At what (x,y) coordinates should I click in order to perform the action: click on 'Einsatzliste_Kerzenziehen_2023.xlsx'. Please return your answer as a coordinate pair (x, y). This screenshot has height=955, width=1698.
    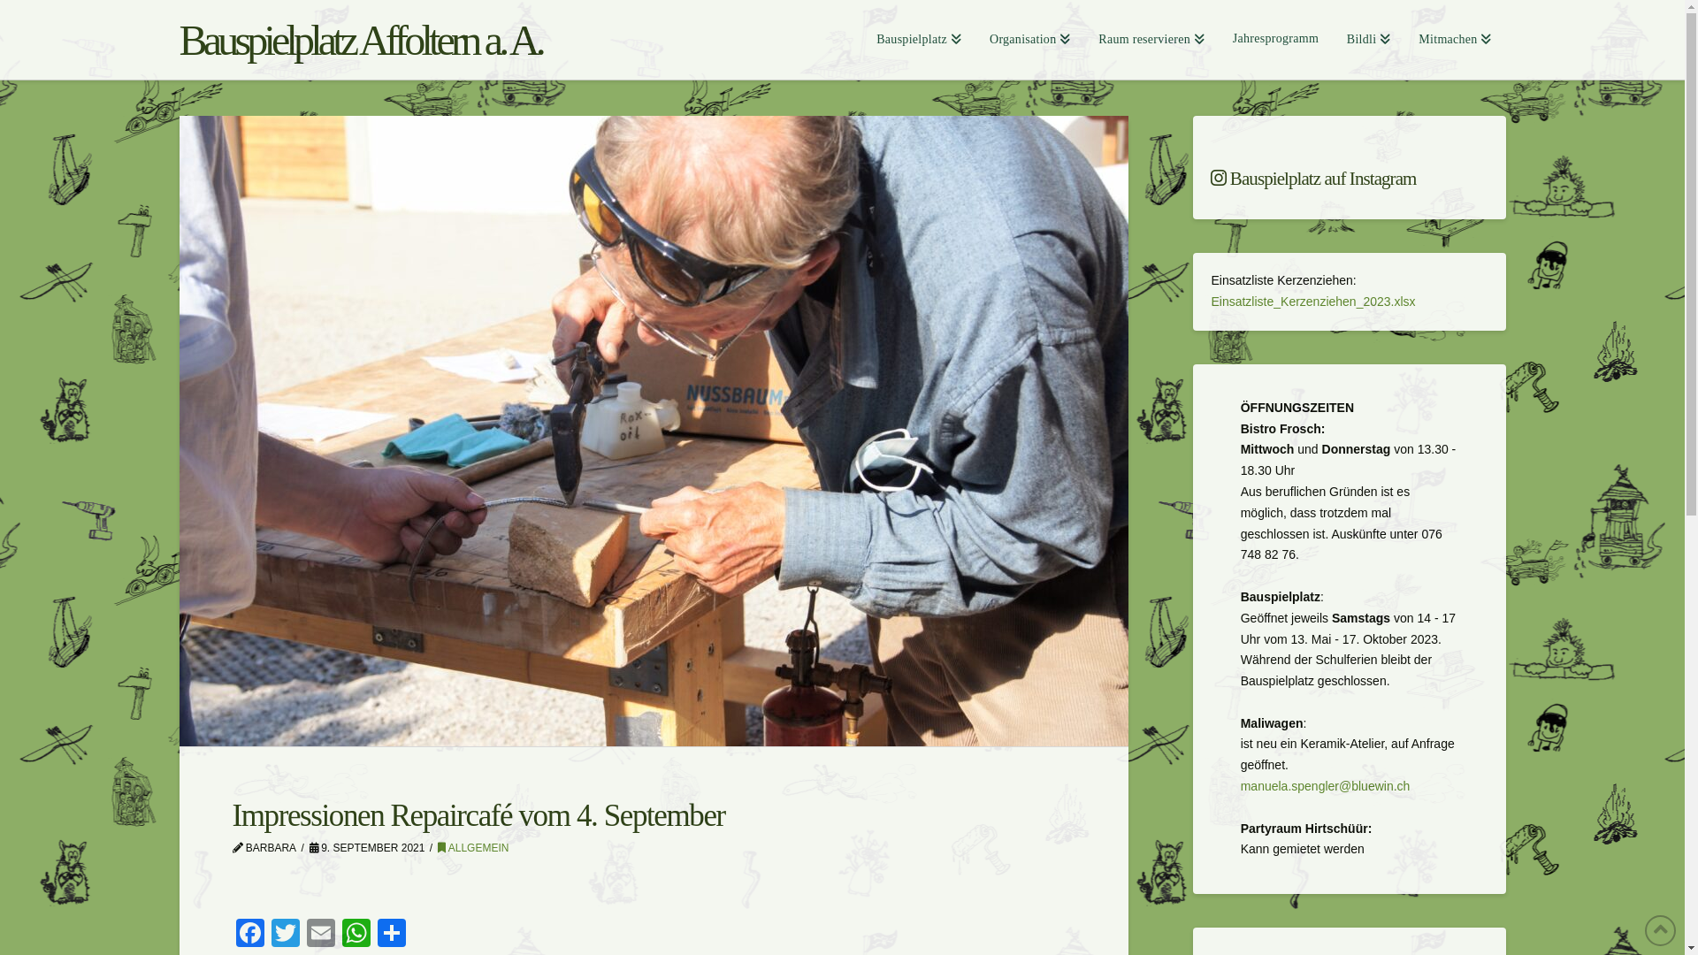
    Looking at the image, I should click on (1312, 300).